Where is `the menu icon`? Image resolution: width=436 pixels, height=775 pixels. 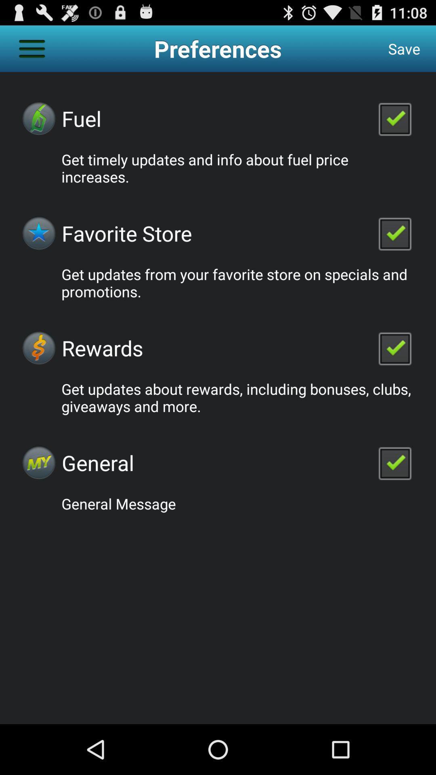 the menu icon is located at coordinates (31, 52).